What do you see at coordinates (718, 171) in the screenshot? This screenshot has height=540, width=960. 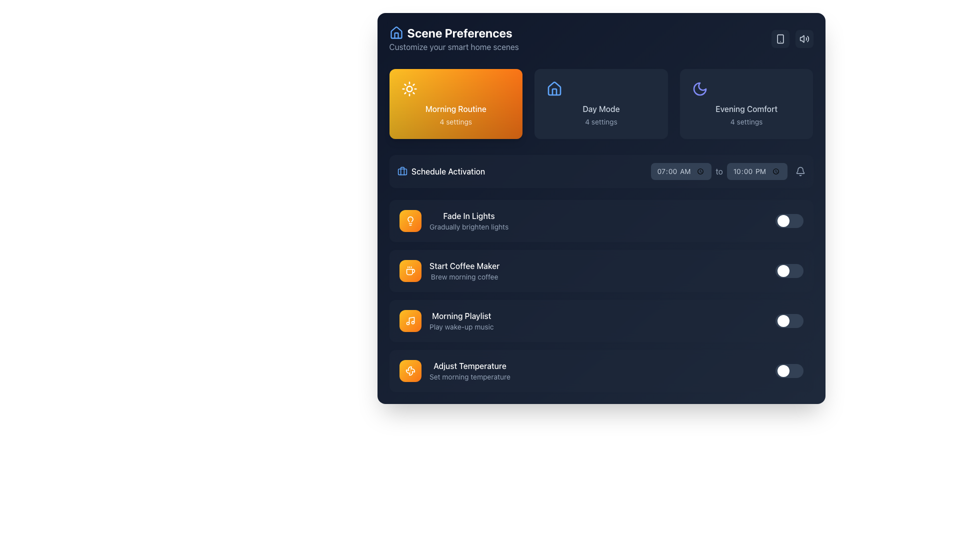 I see `the static text element displaying the word 'to', styled in light gray color, located between the '07:00 AM' and '10:00 PM' buttons` at bounding box center [718, 171].